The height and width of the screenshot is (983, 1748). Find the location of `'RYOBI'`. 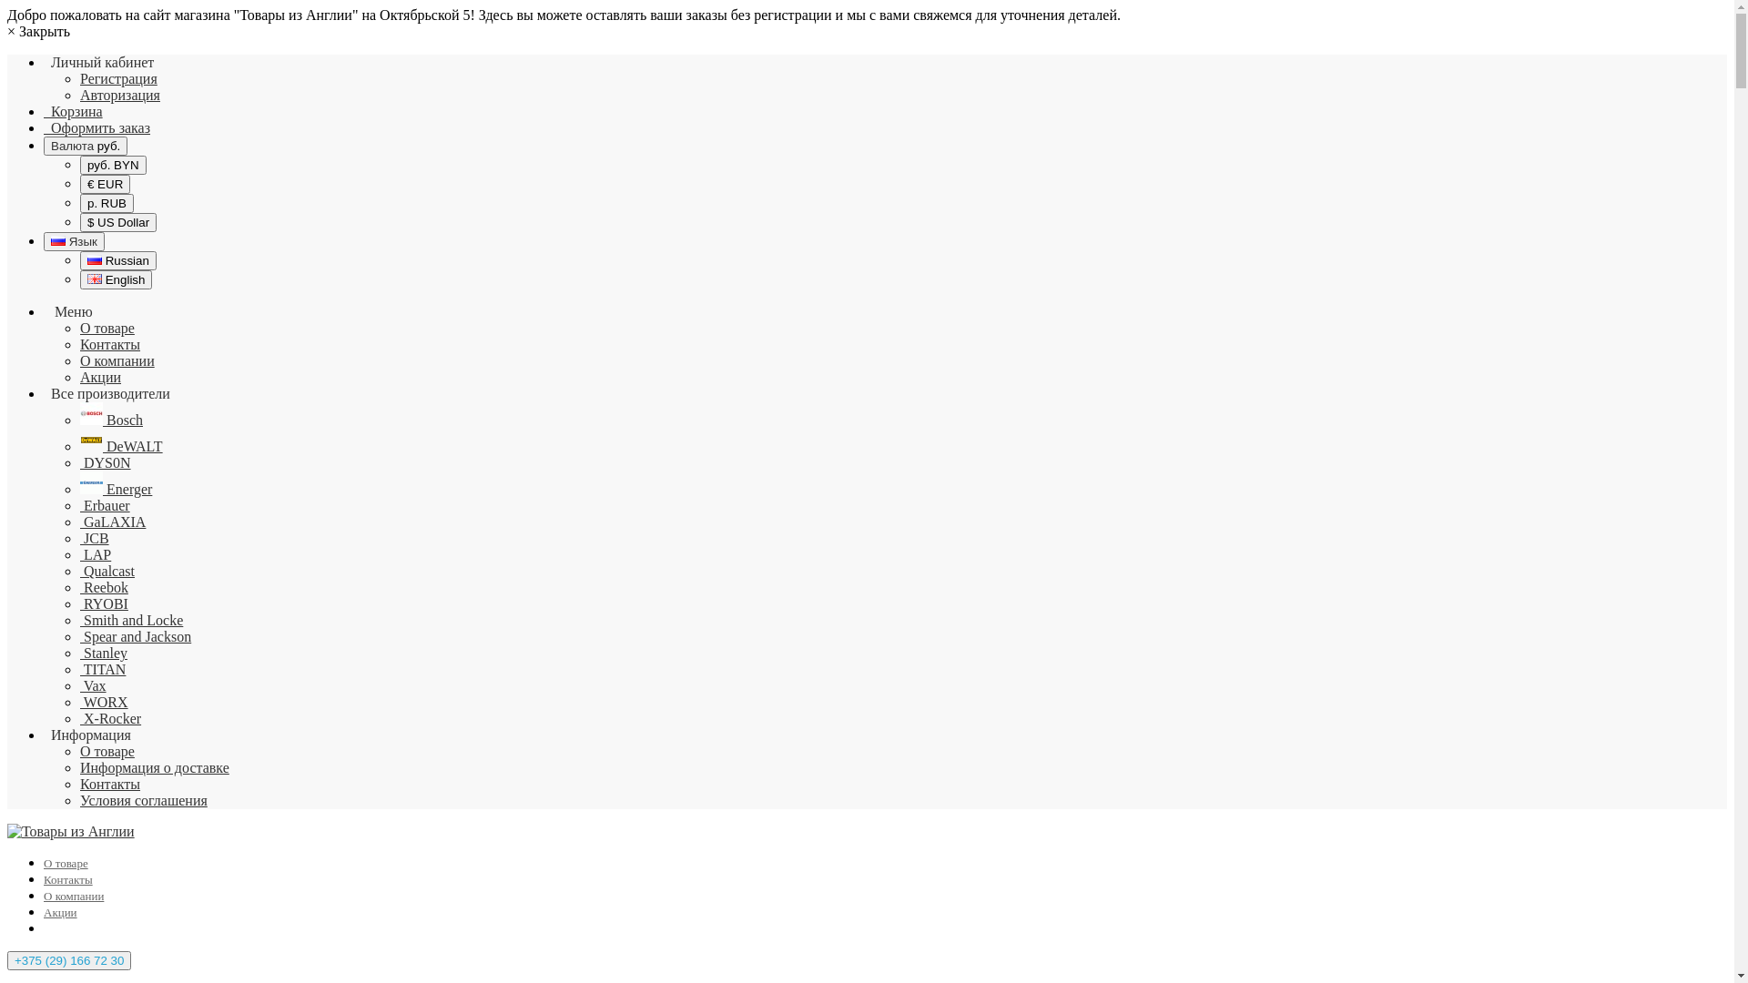

'RYOBI' is located at coordinates (103, 603).